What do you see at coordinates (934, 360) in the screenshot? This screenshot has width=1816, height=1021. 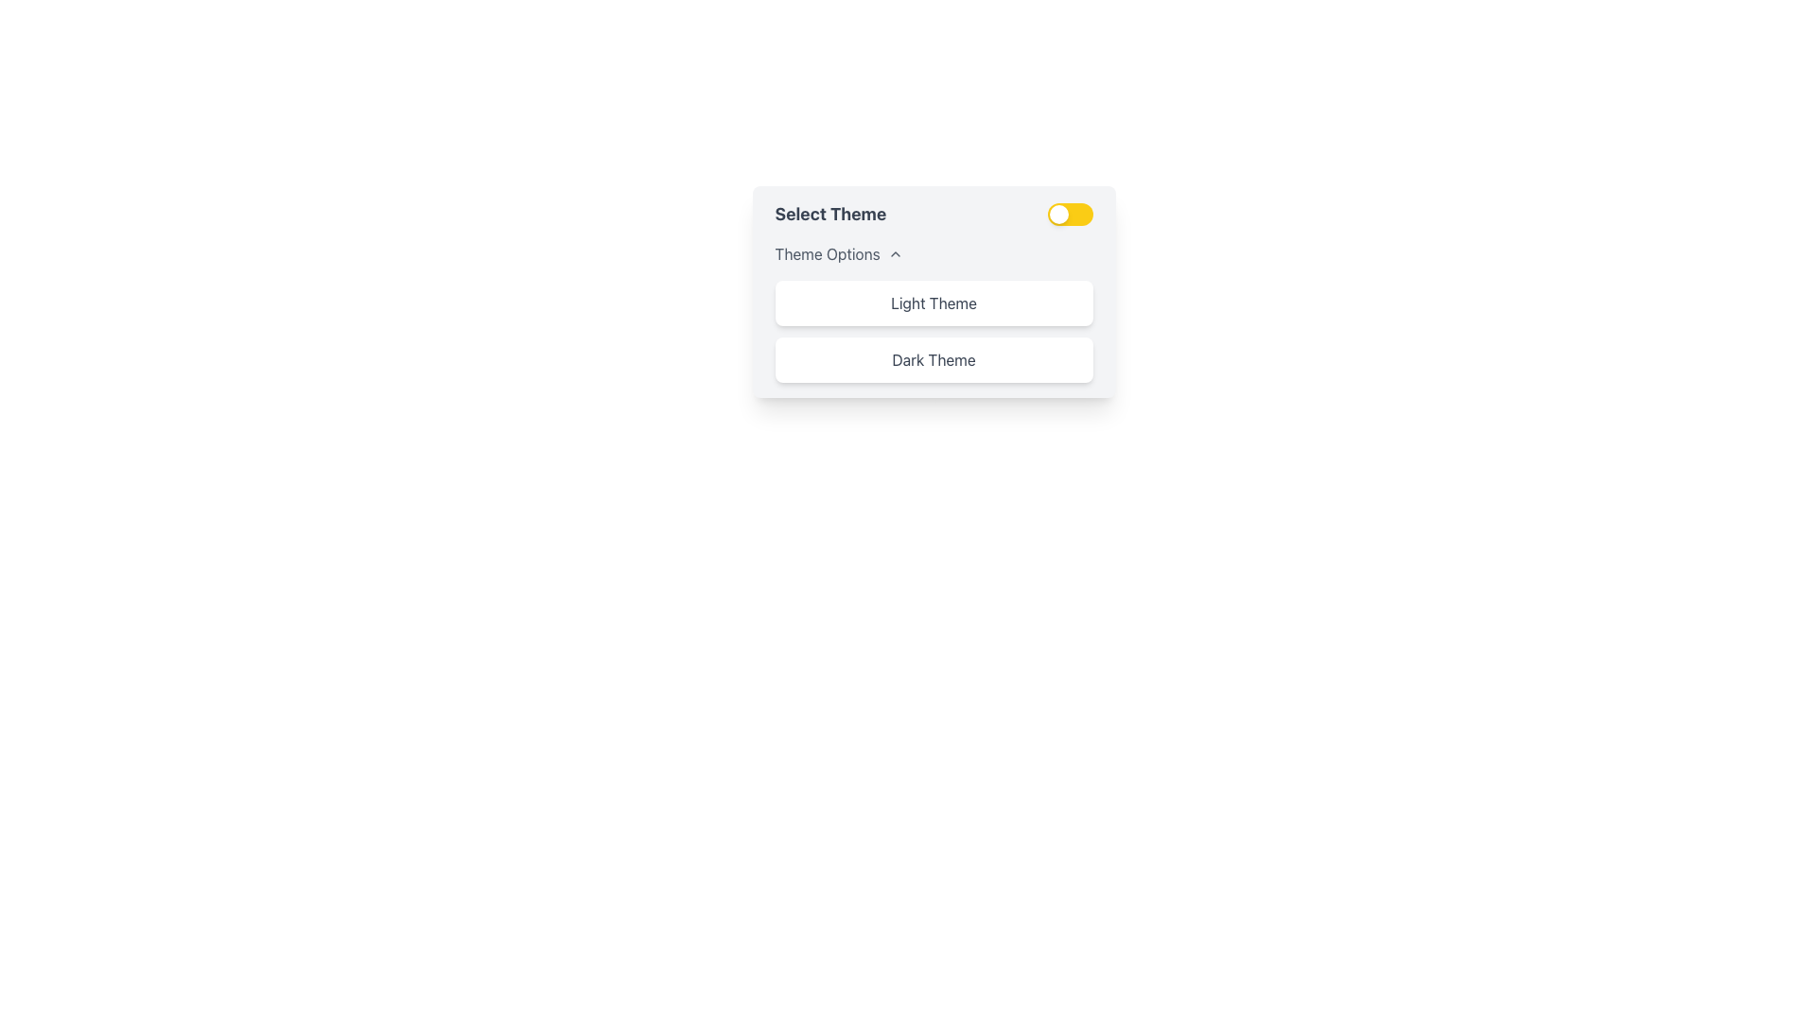 I see `the 'Dark Theme' button, which is a rectangular button with rounded edges, white background, and black text, located in the 'Theme Options' menu below the 'Light Theme' button` at bounding box center [934, 360].